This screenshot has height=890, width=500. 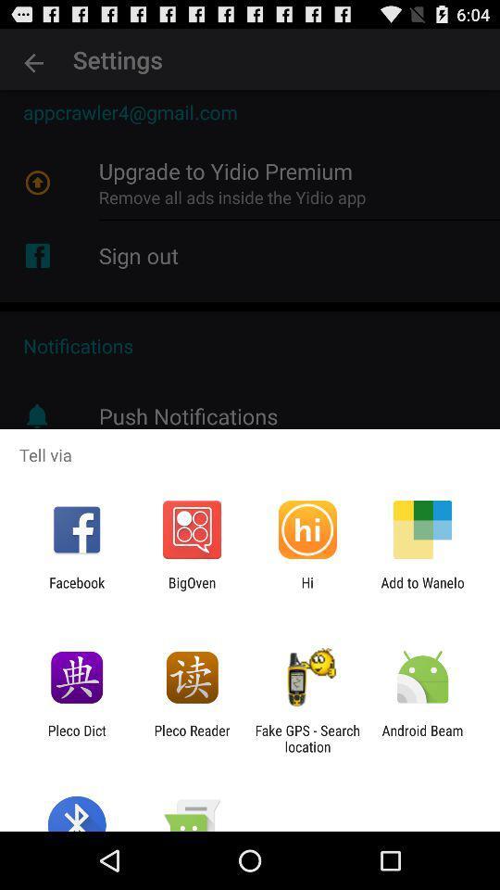 I want to click on hi icon, so click(x=307, y=590).